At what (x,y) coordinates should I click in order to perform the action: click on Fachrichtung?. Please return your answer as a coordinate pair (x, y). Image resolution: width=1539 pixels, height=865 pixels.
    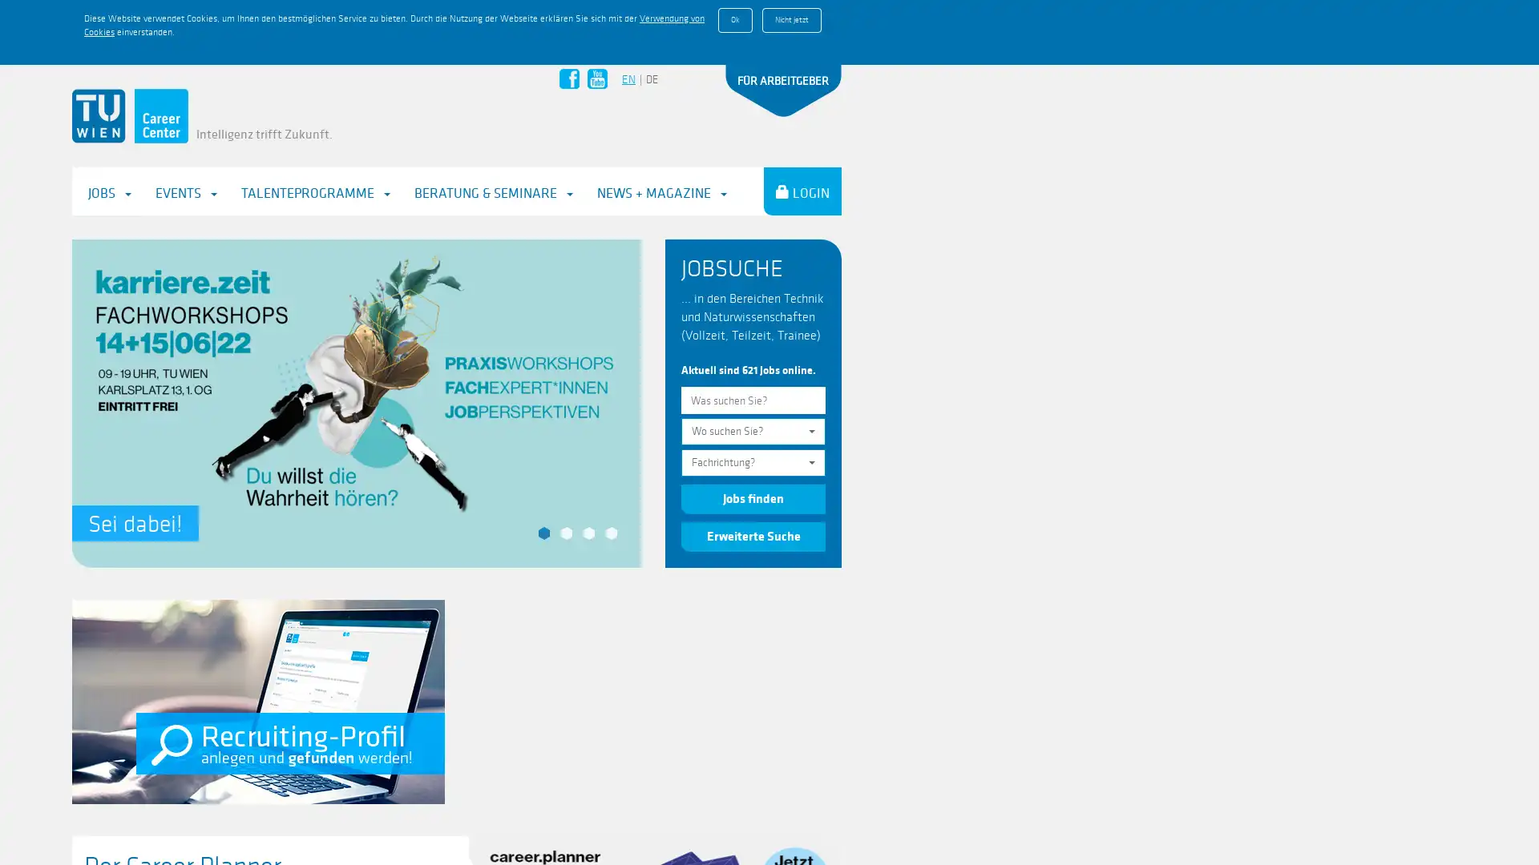
    Looking at the image, I should click on (753, 397).